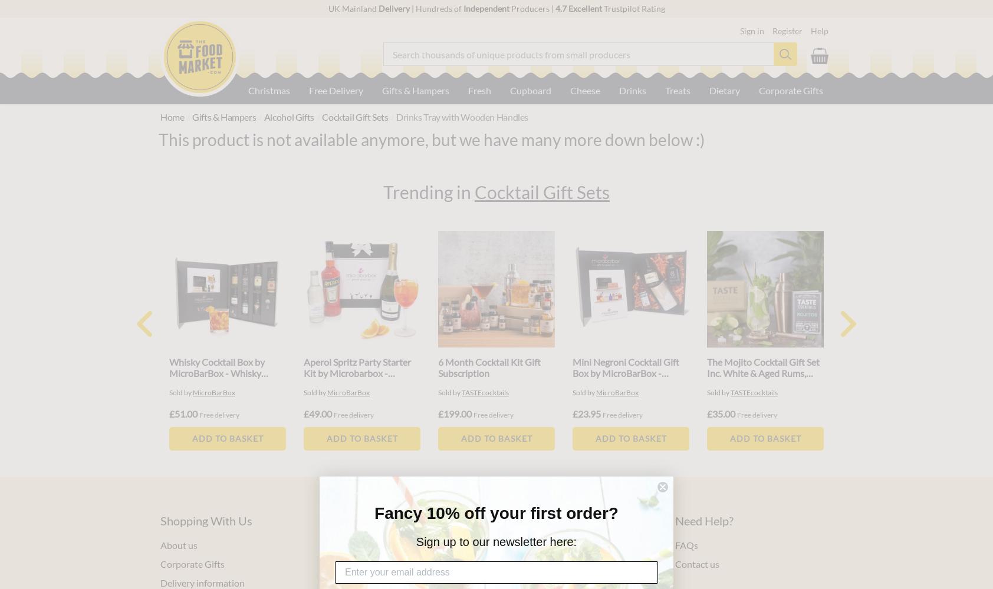 The width and height of the screenshot is (993, 589). Describe the element at coordinates (288, 116) in the screenshot. I see `'Alcohol Gifts'` at that location.